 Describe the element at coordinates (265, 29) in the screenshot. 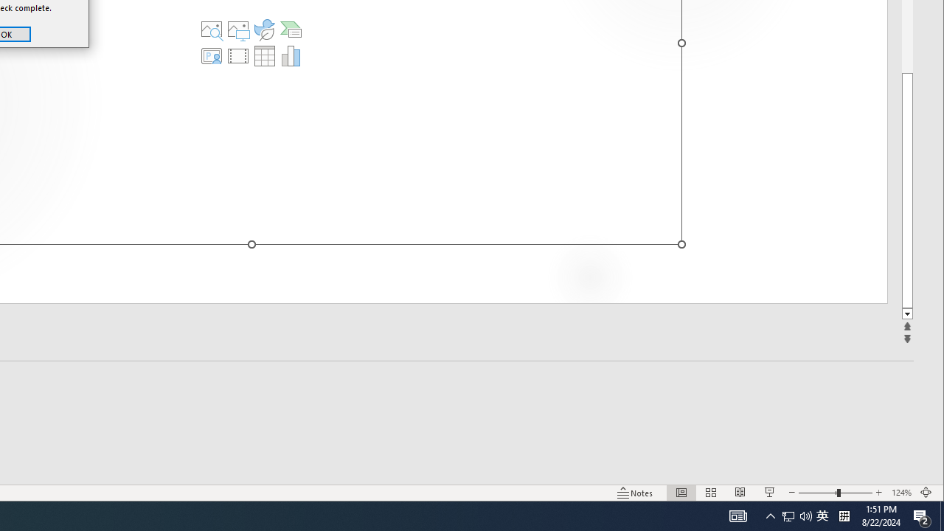

I see `'Insert an Icon'` at that location.